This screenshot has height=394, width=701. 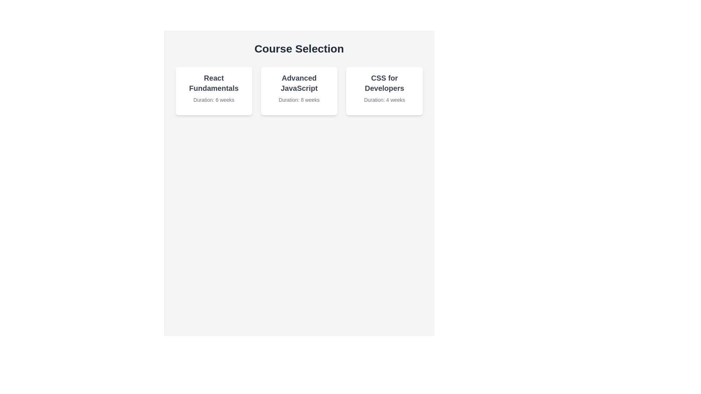 I want to click on the text label displaying 'React Fundamentals', which is styled with a bold gray font and positioned at the top of the white card in the grid layout, so click(x=213, y=82).